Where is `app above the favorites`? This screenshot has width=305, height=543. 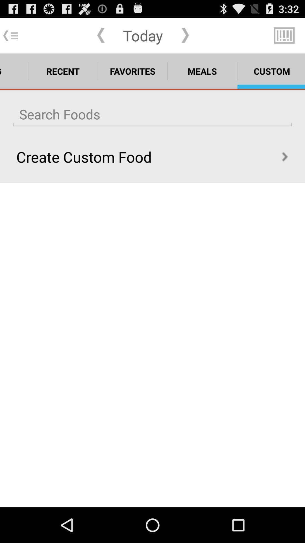 app above the favorites is located at coordinates (143, 35).